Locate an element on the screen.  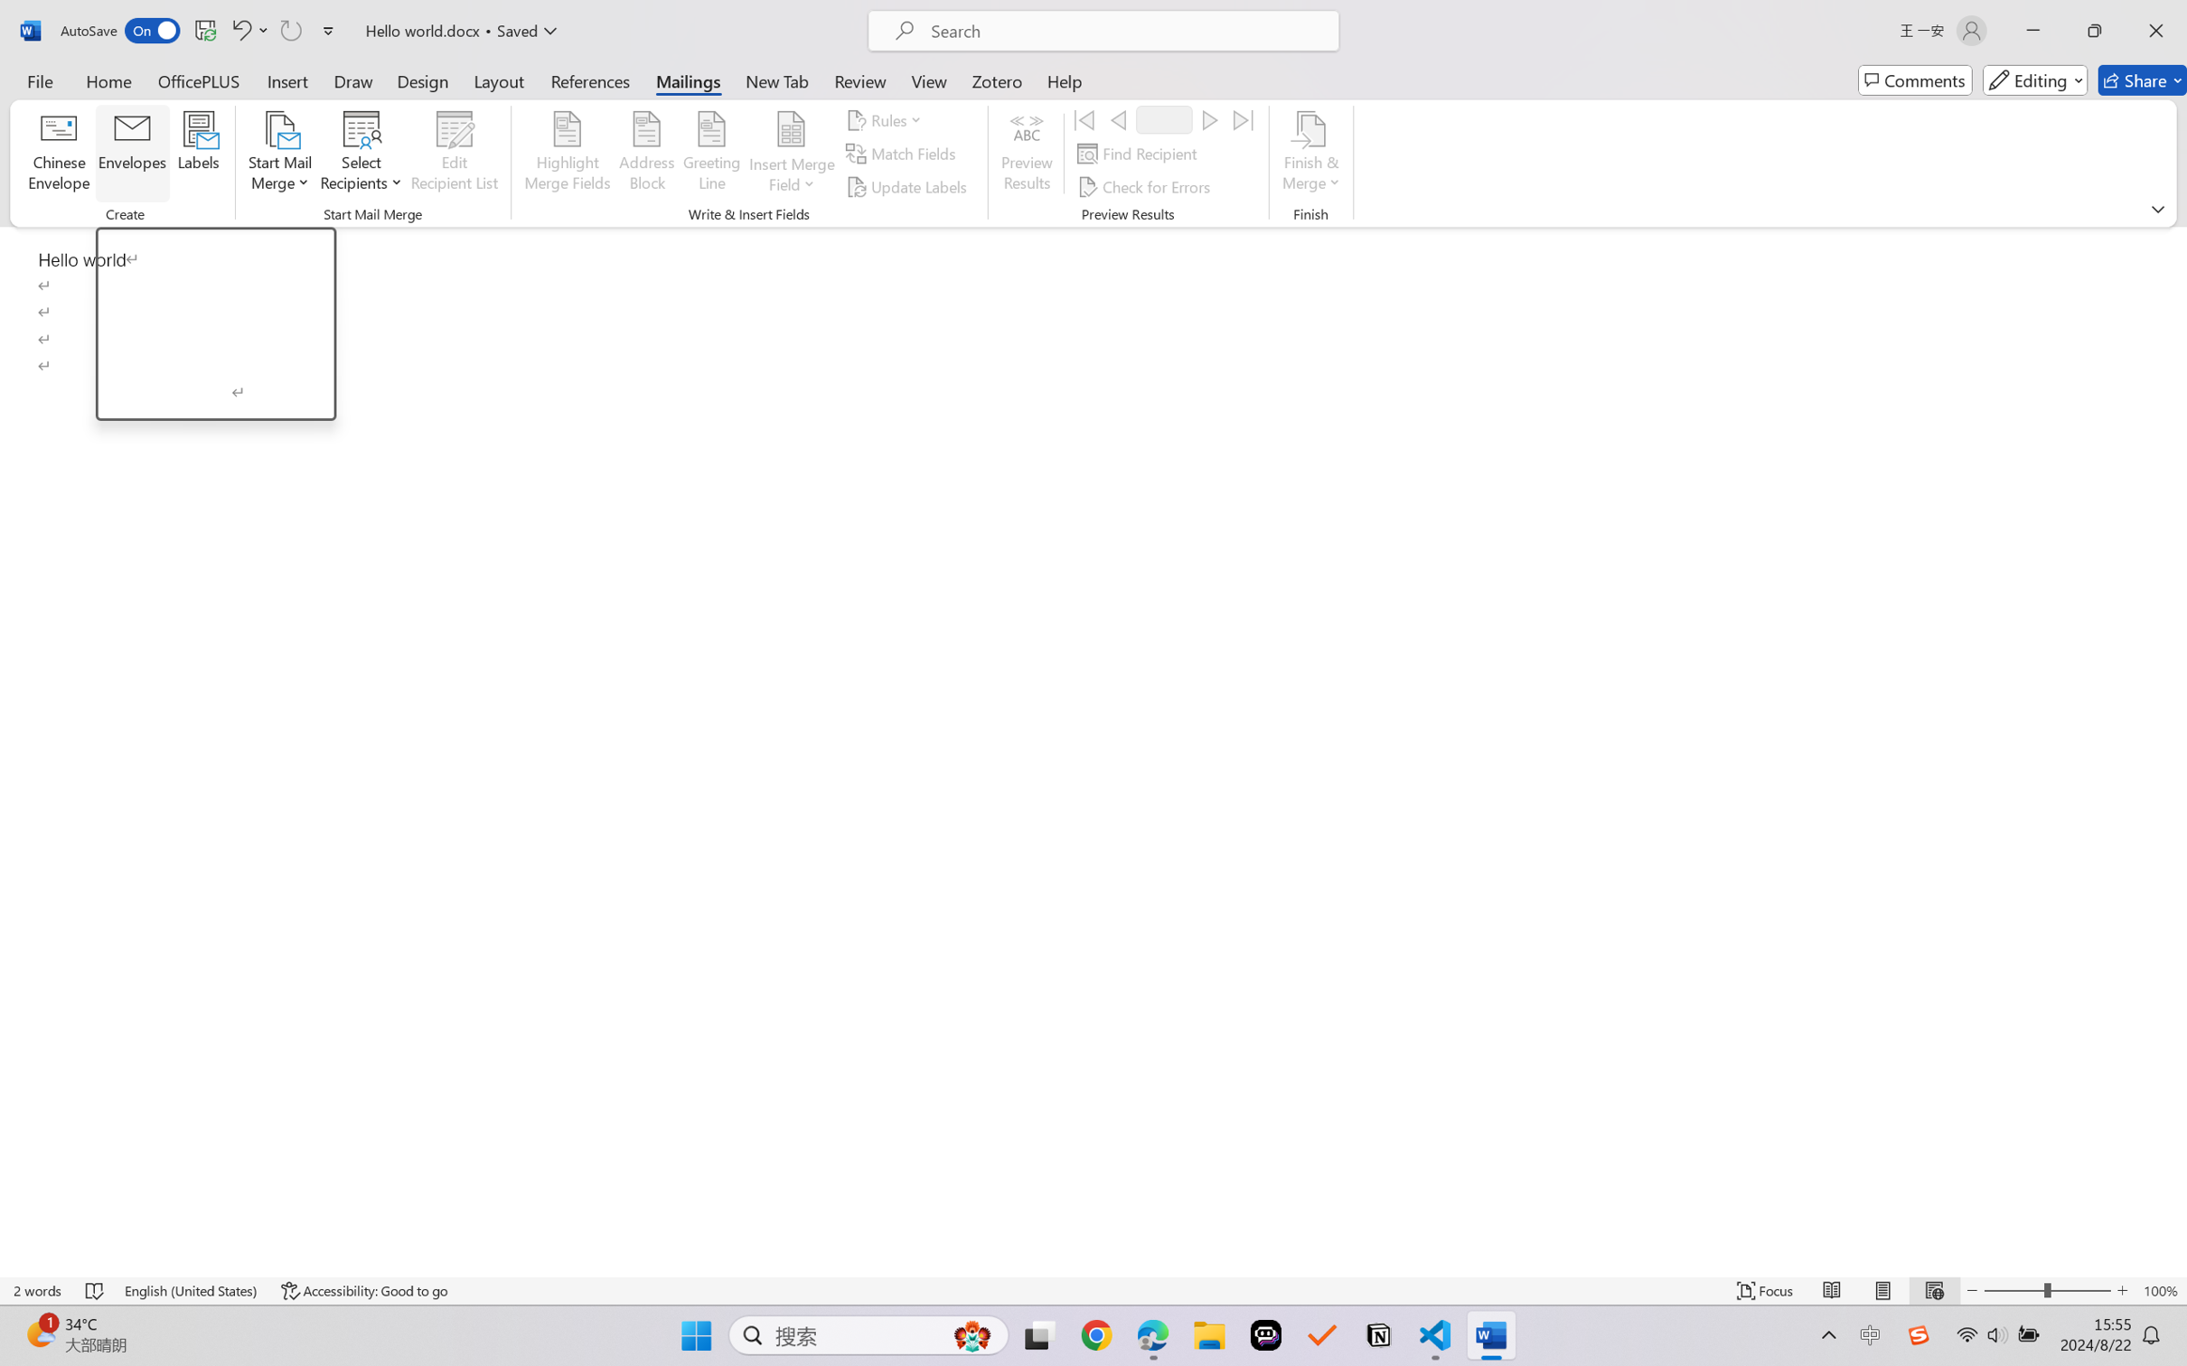
'Close' is located at coordinates (2155, 30).